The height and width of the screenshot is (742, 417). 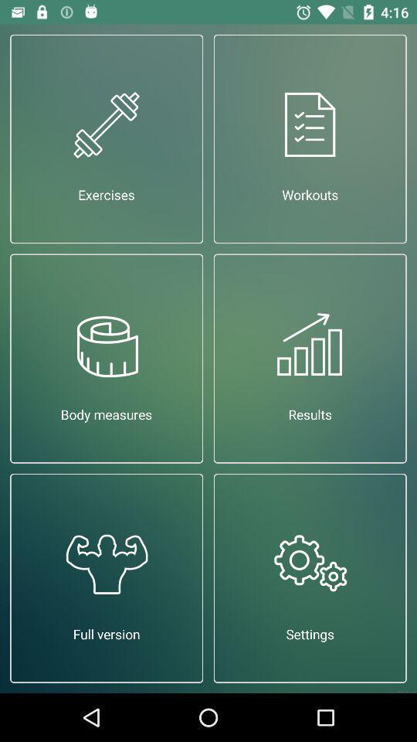 I want to click on icon next to the full version, so click(x=310, y=577).